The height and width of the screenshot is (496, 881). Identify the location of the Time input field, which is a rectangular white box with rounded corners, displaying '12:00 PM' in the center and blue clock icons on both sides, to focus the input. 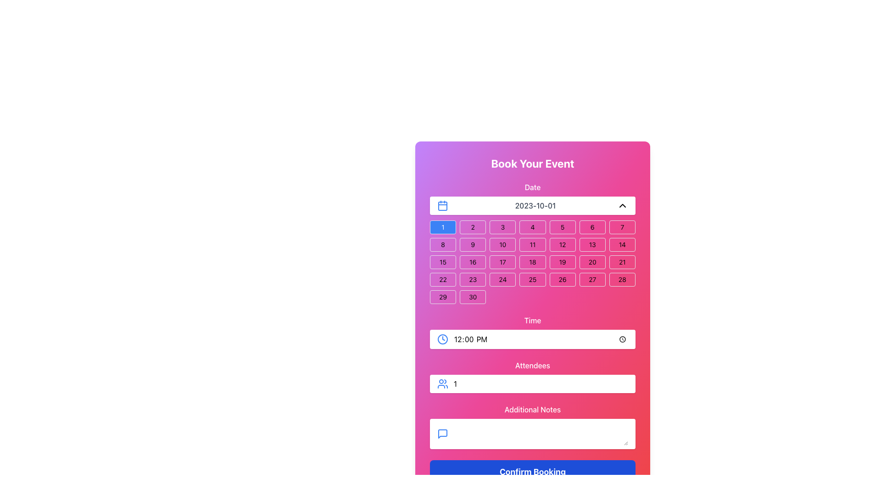
(533, 339).